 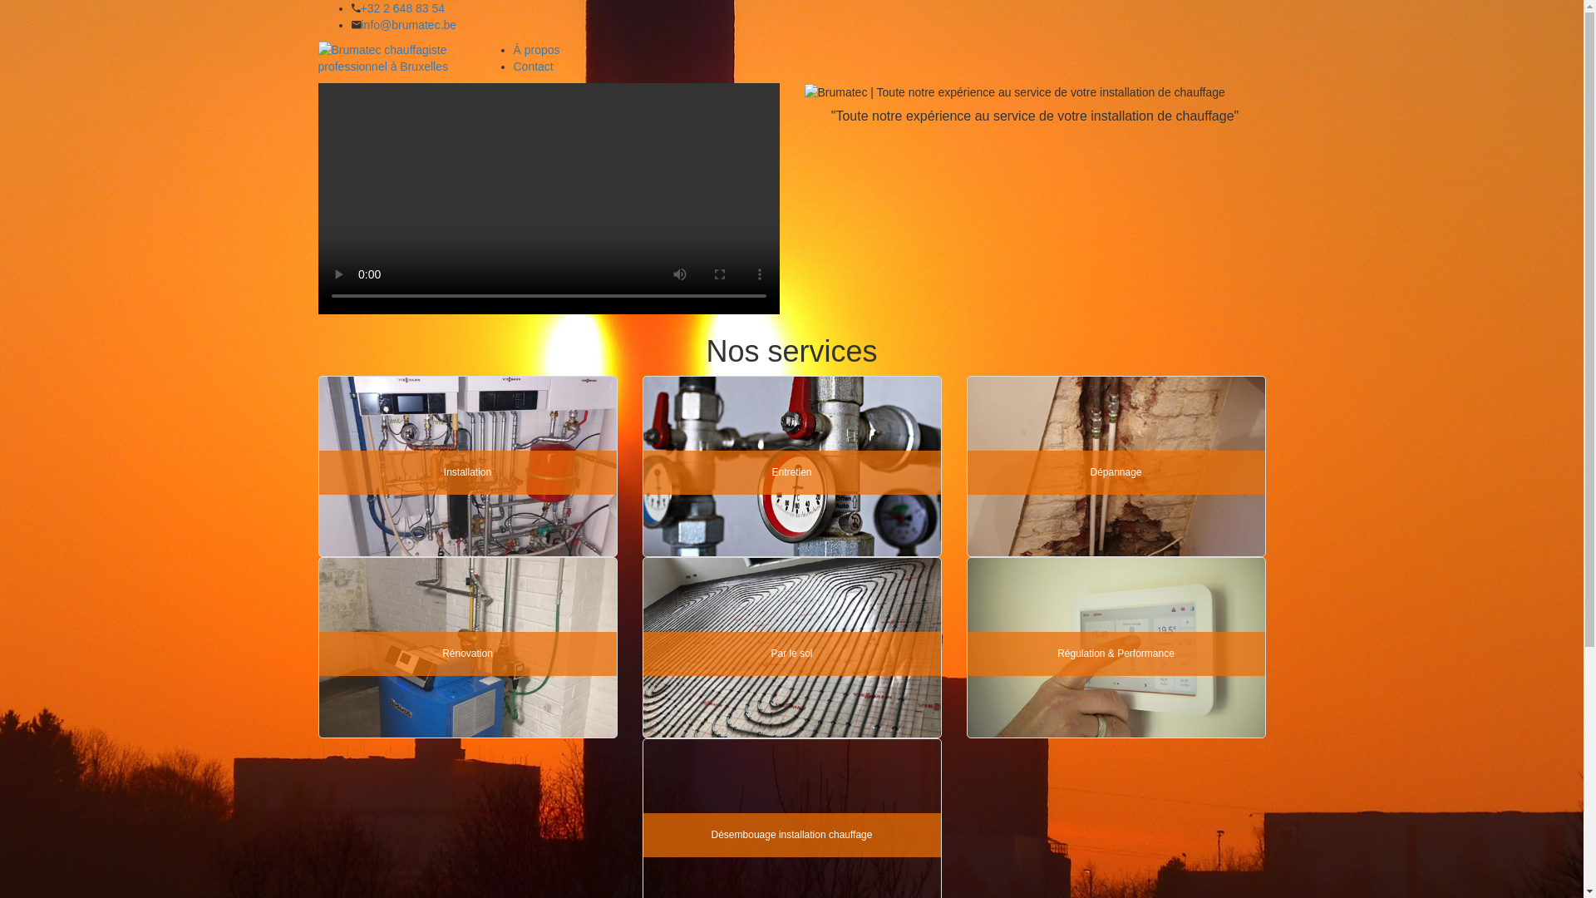 I want to click on '+32 2 648 83 54', so click(x=402, y=8).